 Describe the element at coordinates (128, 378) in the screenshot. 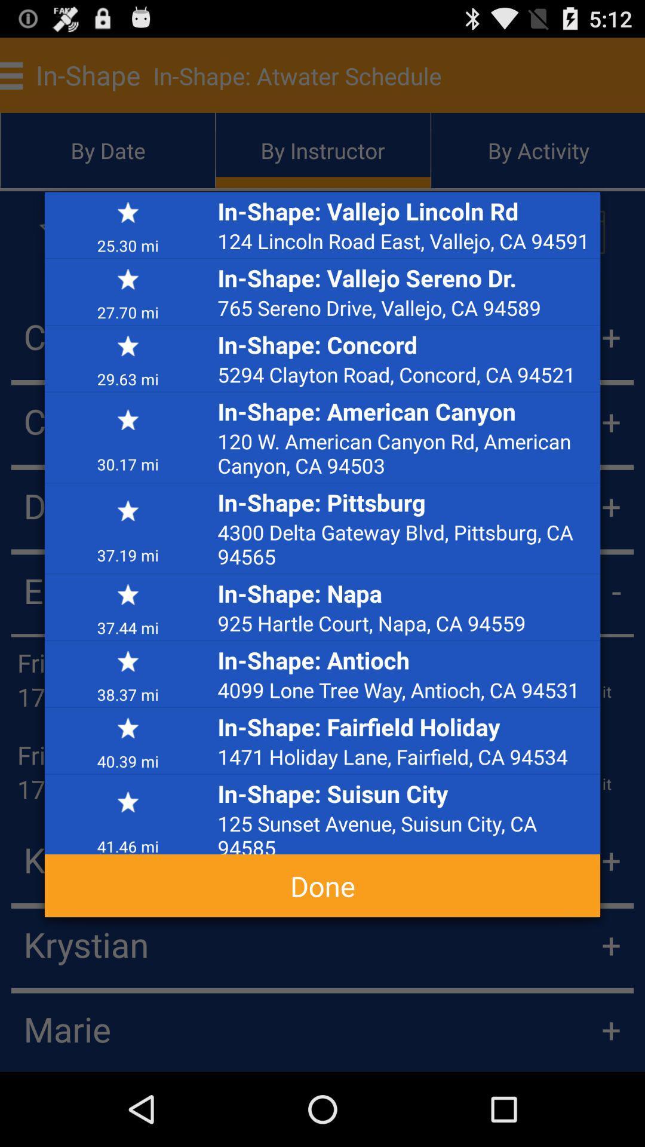

I see `29.63 mi app` at that location.